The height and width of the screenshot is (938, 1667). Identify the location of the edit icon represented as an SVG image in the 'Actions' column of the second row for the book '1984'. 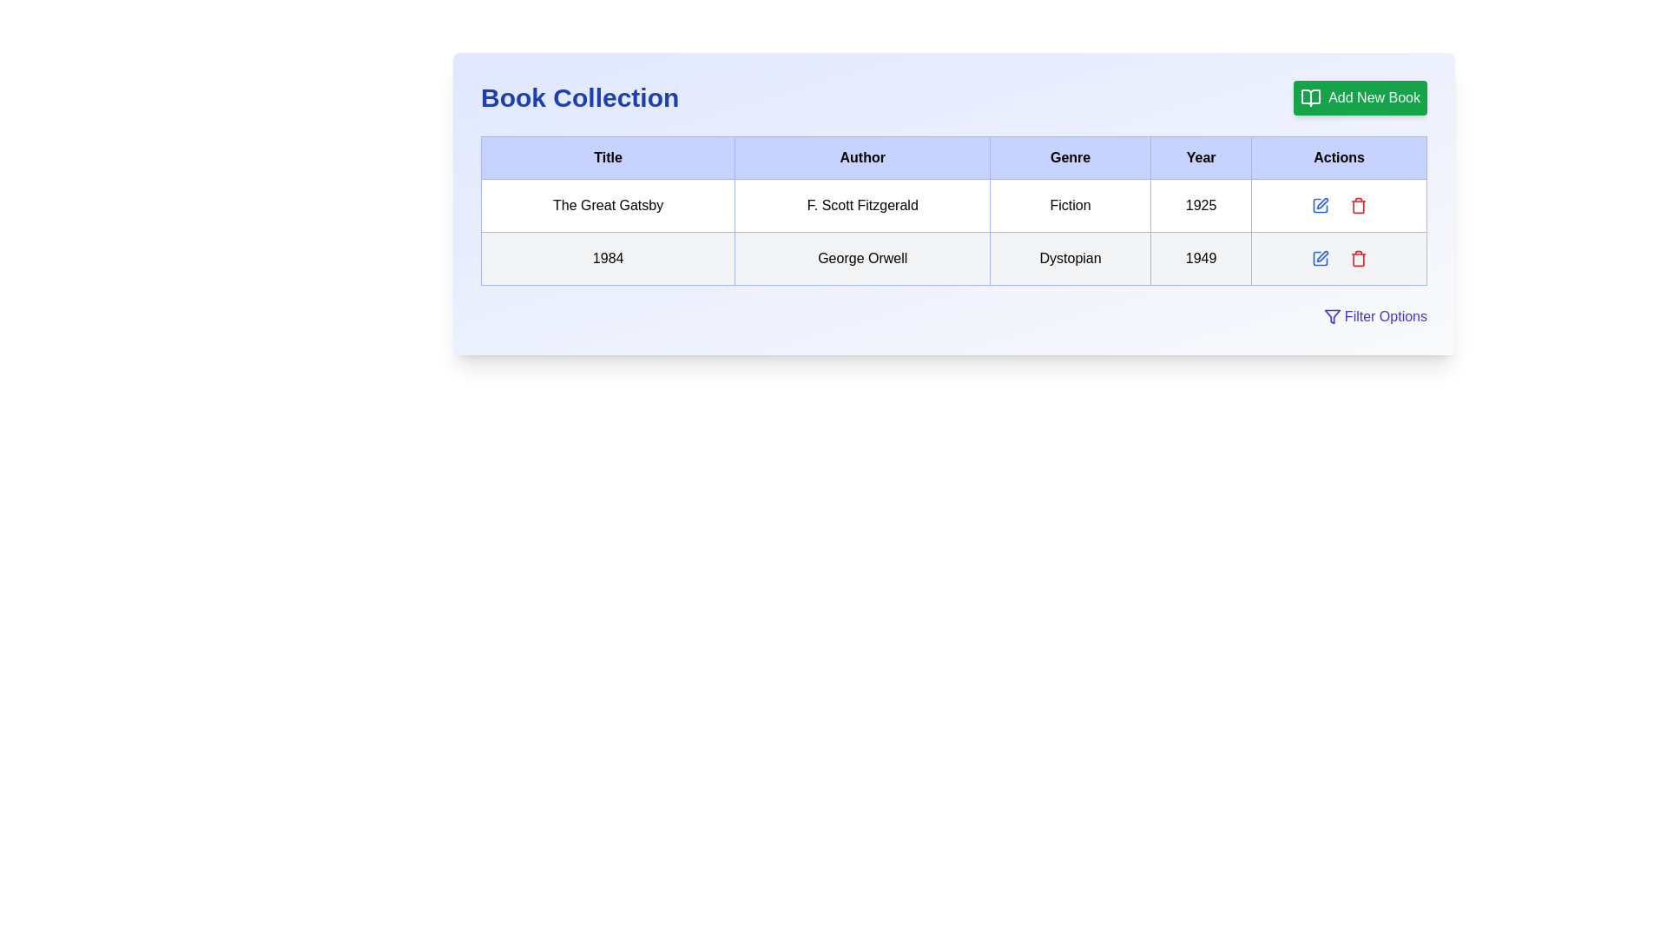
(1321, 256).